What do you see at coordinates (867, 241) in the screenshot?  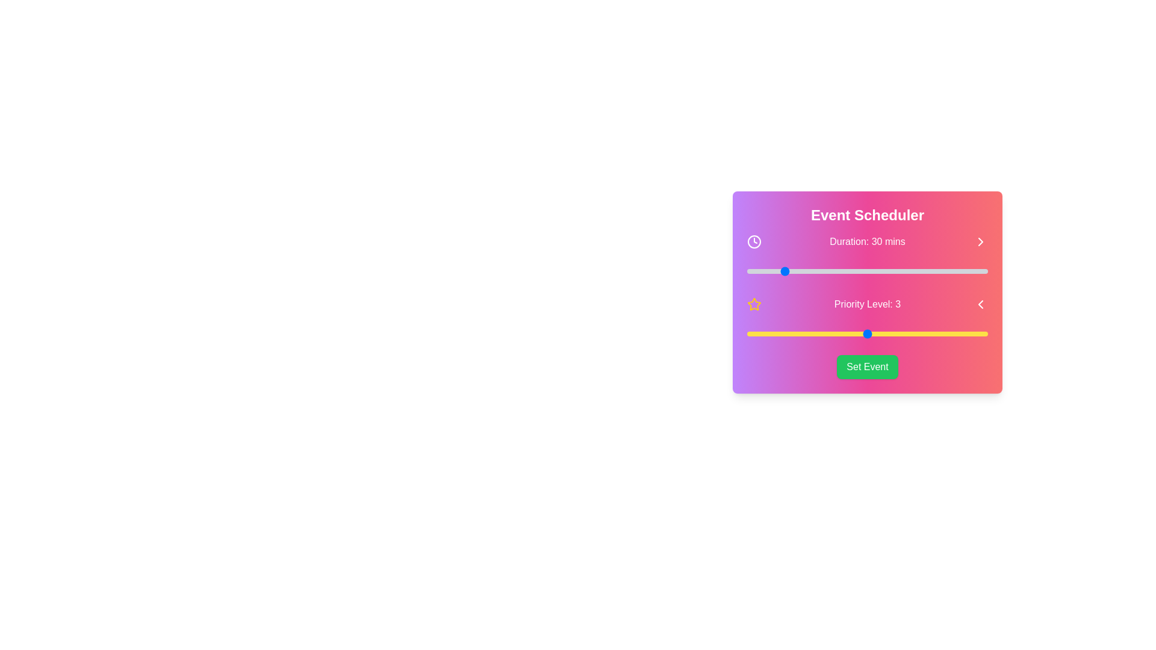 I see `the text label 'Duration: 30 mins' which is located inside a decorative rectangular area in the 'Event Scheduler' panel, accompanied by a clock icon on the left and an arrow symbol on the right` at bounding box center [867, 241].